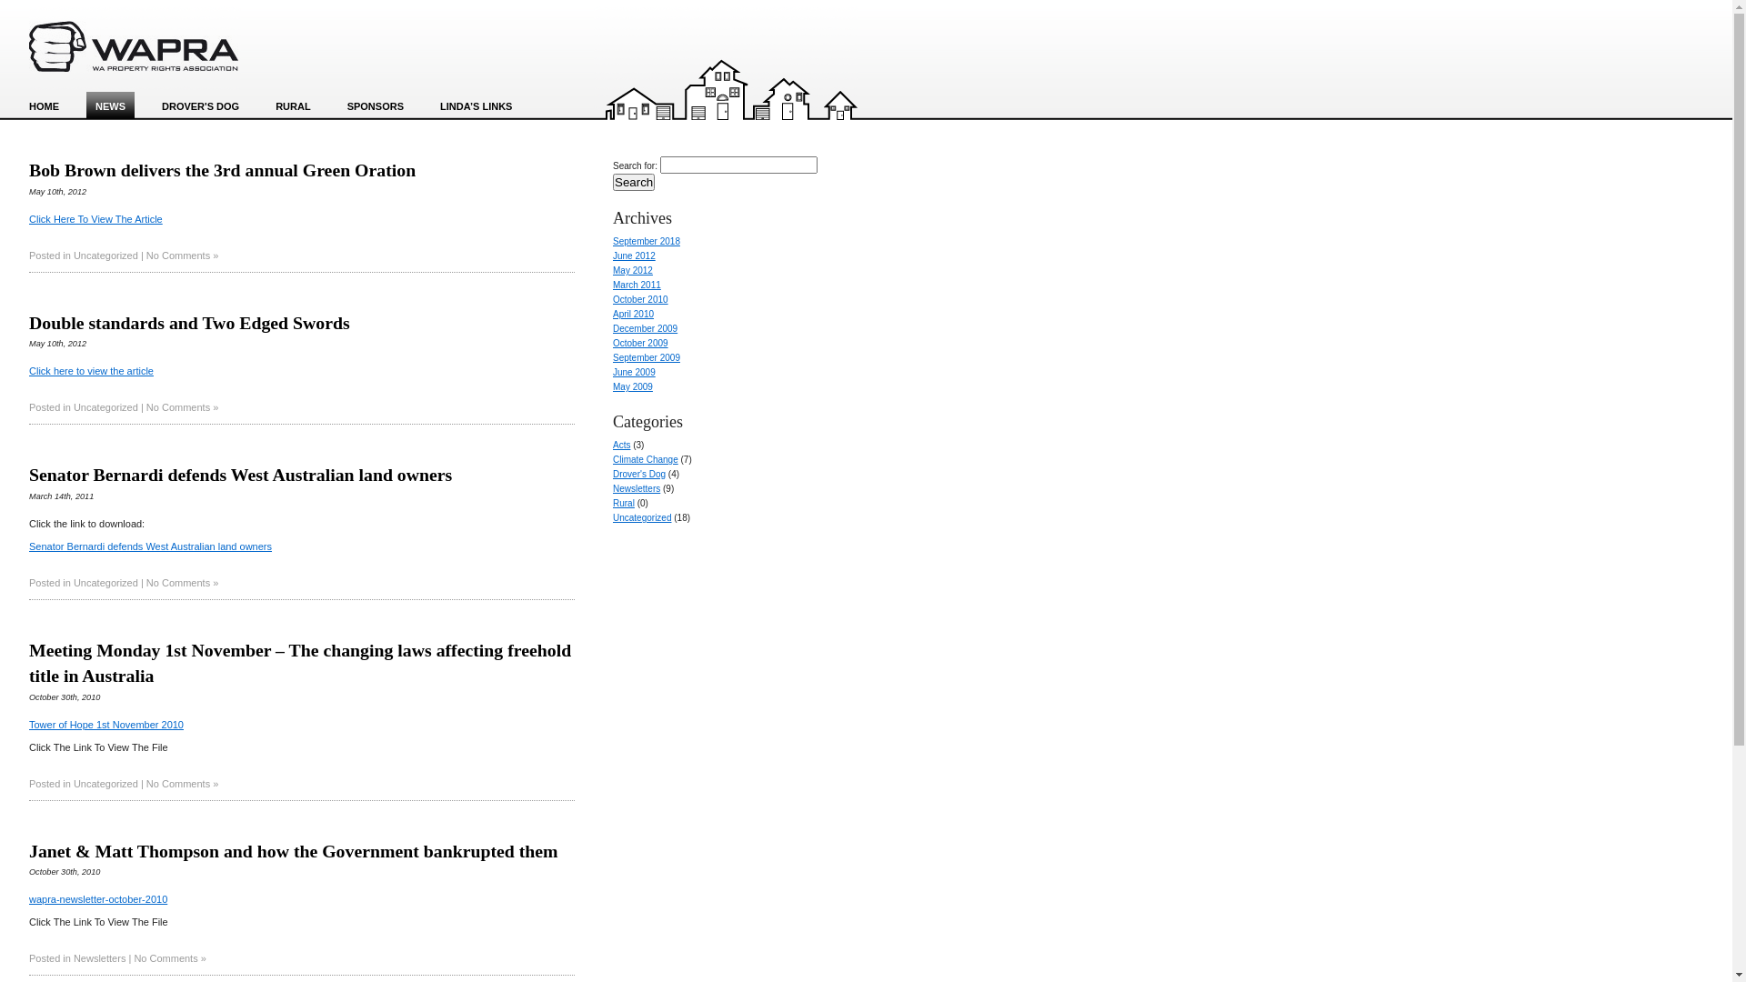  Describe the element at coordinates (105, 724) in the screenshot. I see `'Tower of Hope 1st November 2010'` at that location.